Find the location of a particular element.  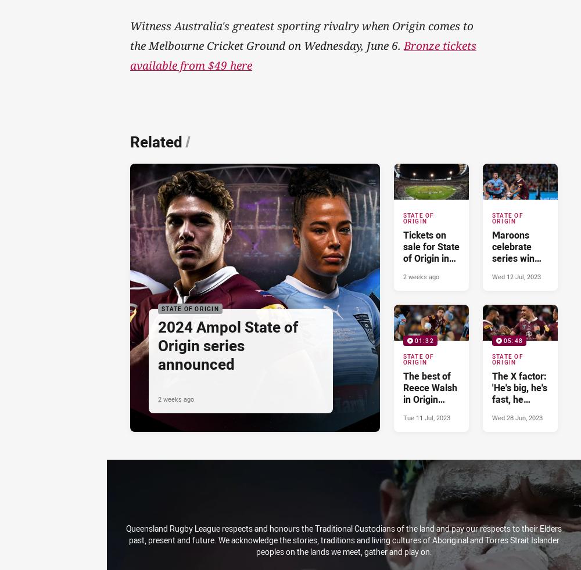

'The best of Reece Walsh in Origin 2023' is located at coordinates (429, 392).